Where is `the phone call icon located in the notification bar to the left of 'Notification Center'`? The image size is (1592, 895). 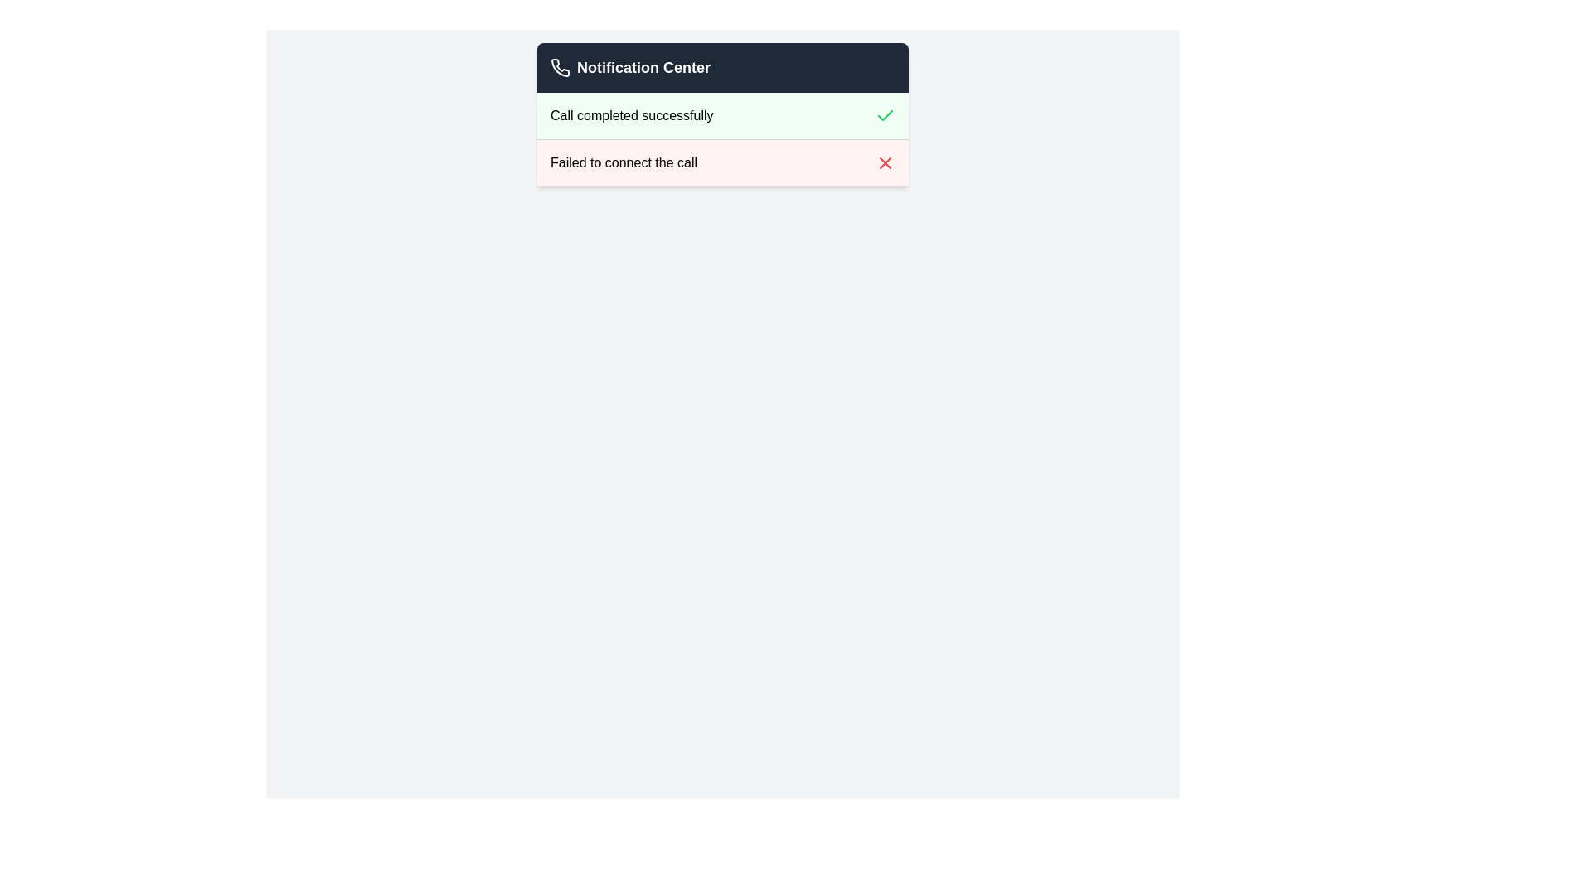
the phone call icon located in the notification bar to the left of 'Notification Center' is located at coordinates (561, 66).